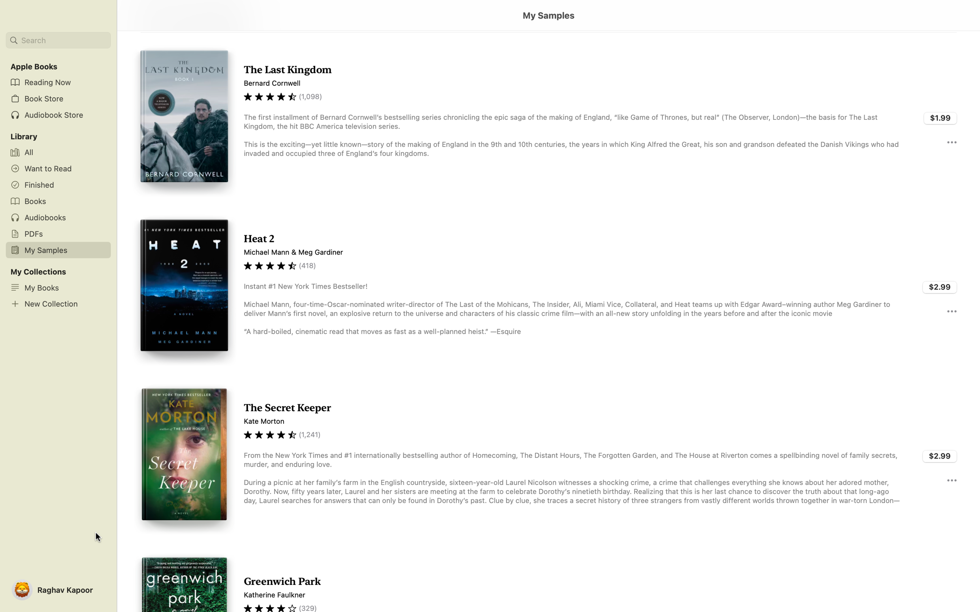 The height and width of the screenshot is (612, 980). Describe the element at coordinates (3198230, 653004) in the screenshot. I see `Browse further options available for "Heat 2` at that location.